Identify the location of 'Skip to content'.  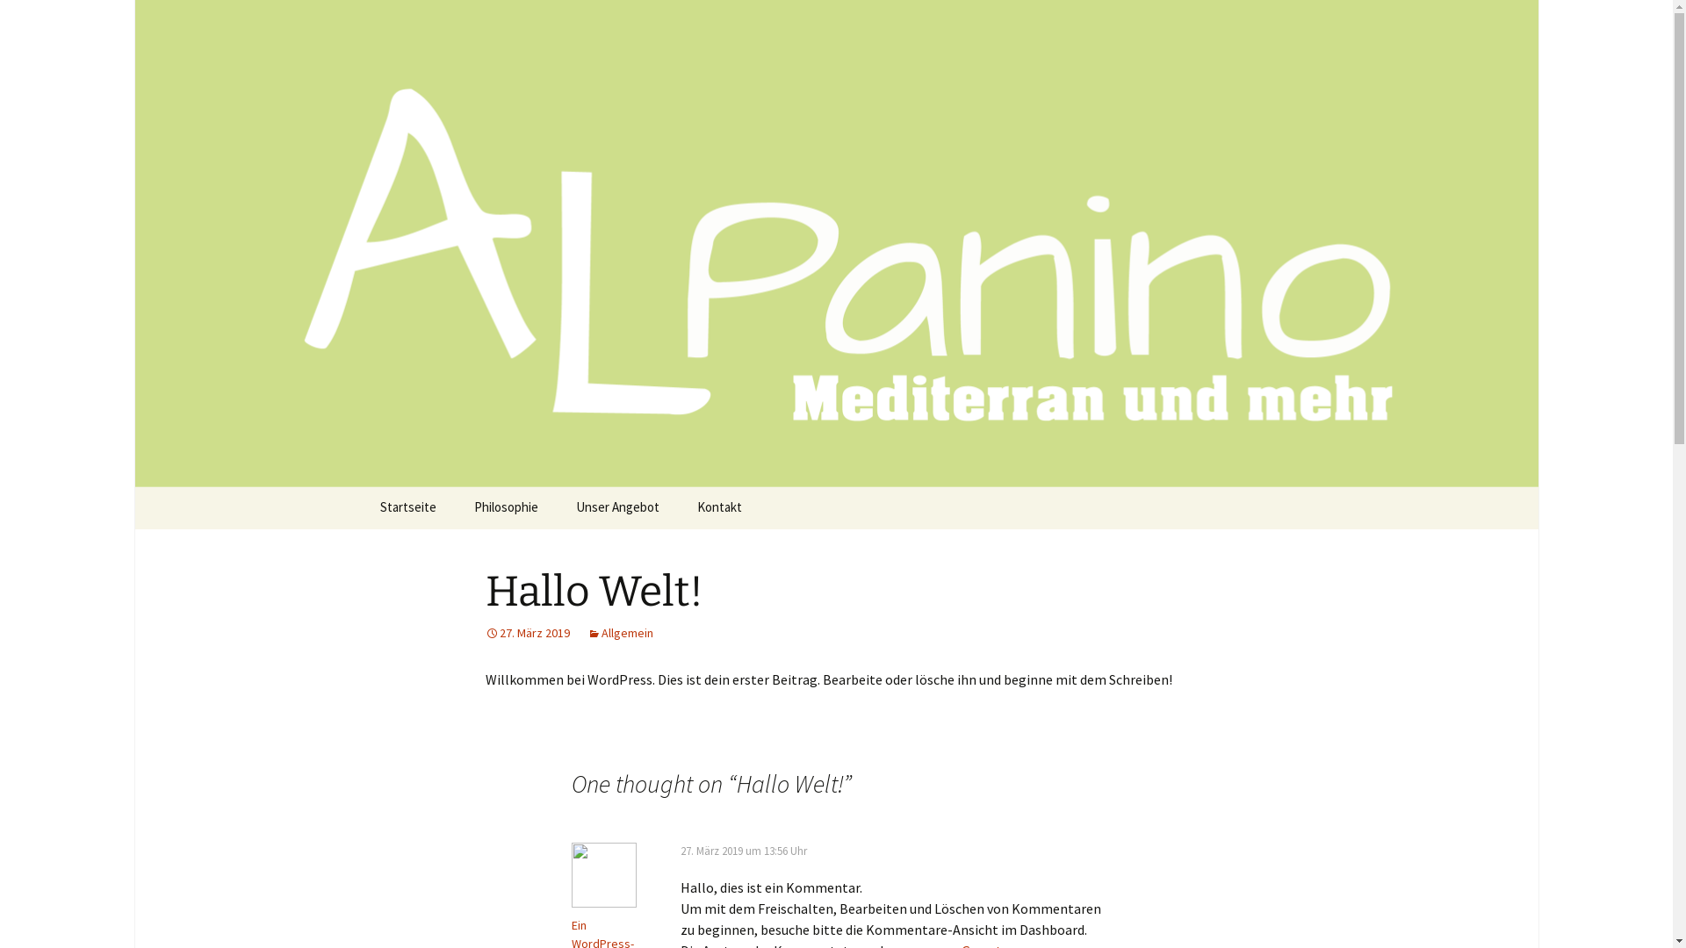
(407, 498).